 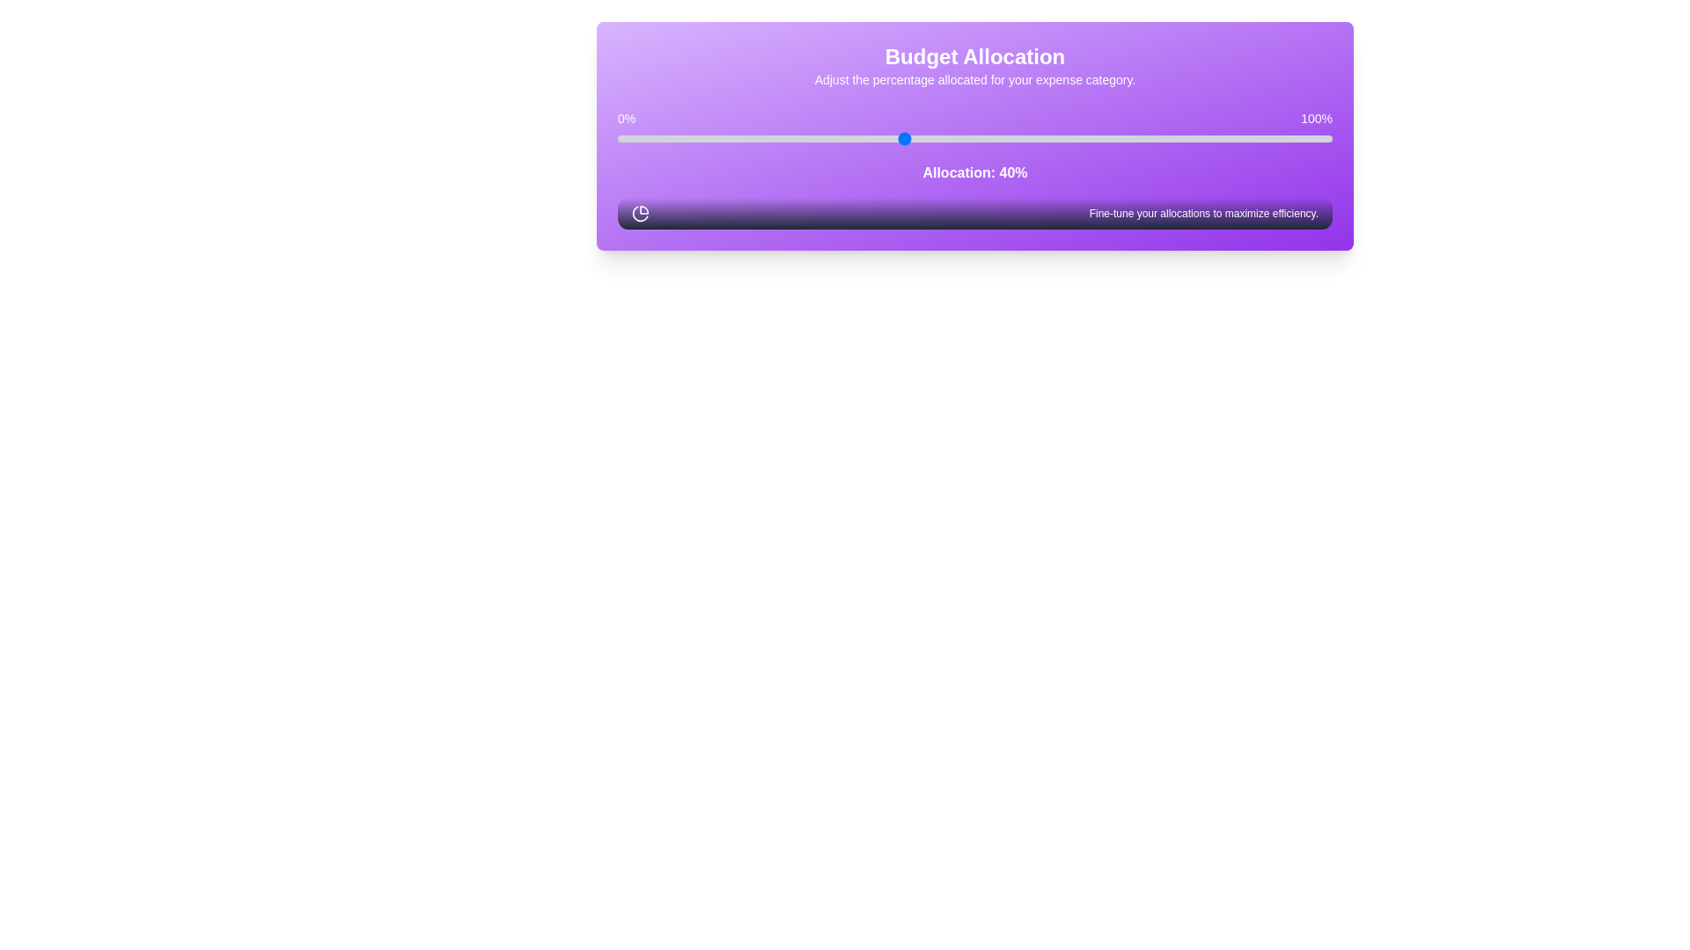 I want to click on the informational component that provides a summary about optimizing allocations, located at the bottom of the purple-themed 'Budget Allocation' card, so click(x=974, y=213).